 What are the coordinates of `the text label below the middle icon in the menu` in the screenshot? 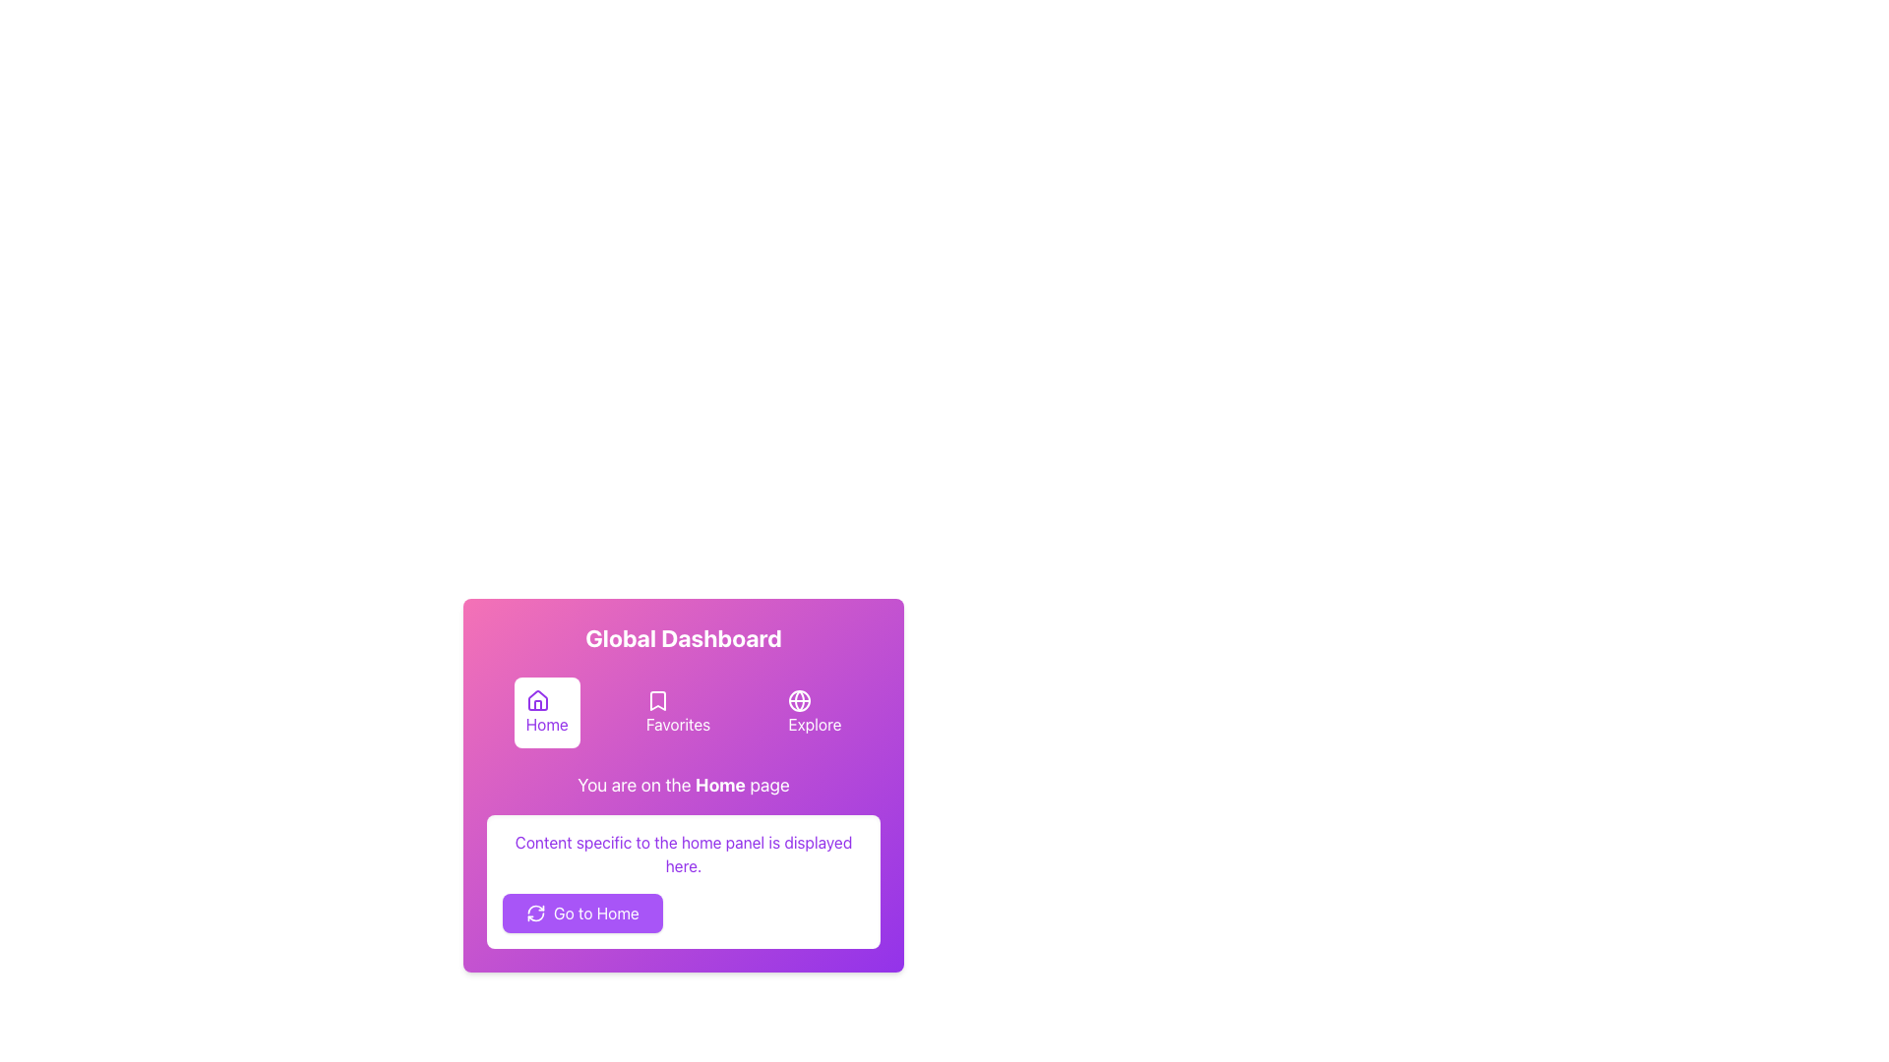 It's located at (678, 724).